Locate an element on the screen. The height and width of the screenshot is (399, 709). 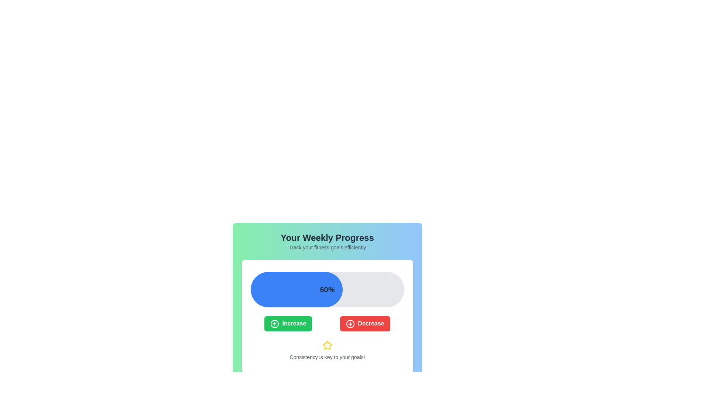
Heading text element located at the top of the section, which serves as a title indicating the content or purpose of the section is located at coordinates (327, 238).